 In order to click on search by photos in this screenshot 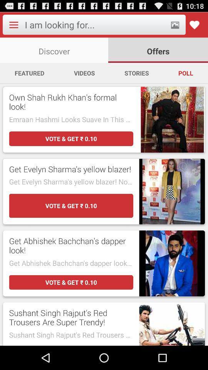, I will do `click(175, 25)`.